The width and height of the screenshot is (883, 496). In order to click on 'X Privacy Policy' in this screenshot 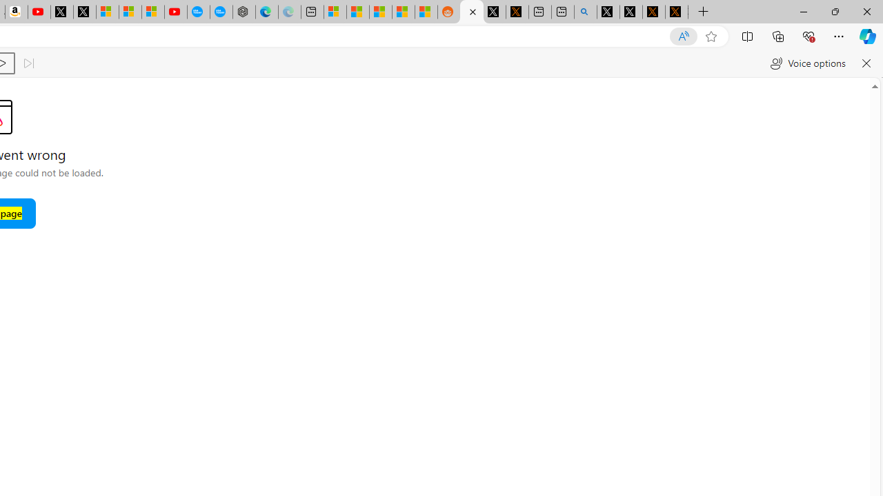, I will do `click(677, 12)`.